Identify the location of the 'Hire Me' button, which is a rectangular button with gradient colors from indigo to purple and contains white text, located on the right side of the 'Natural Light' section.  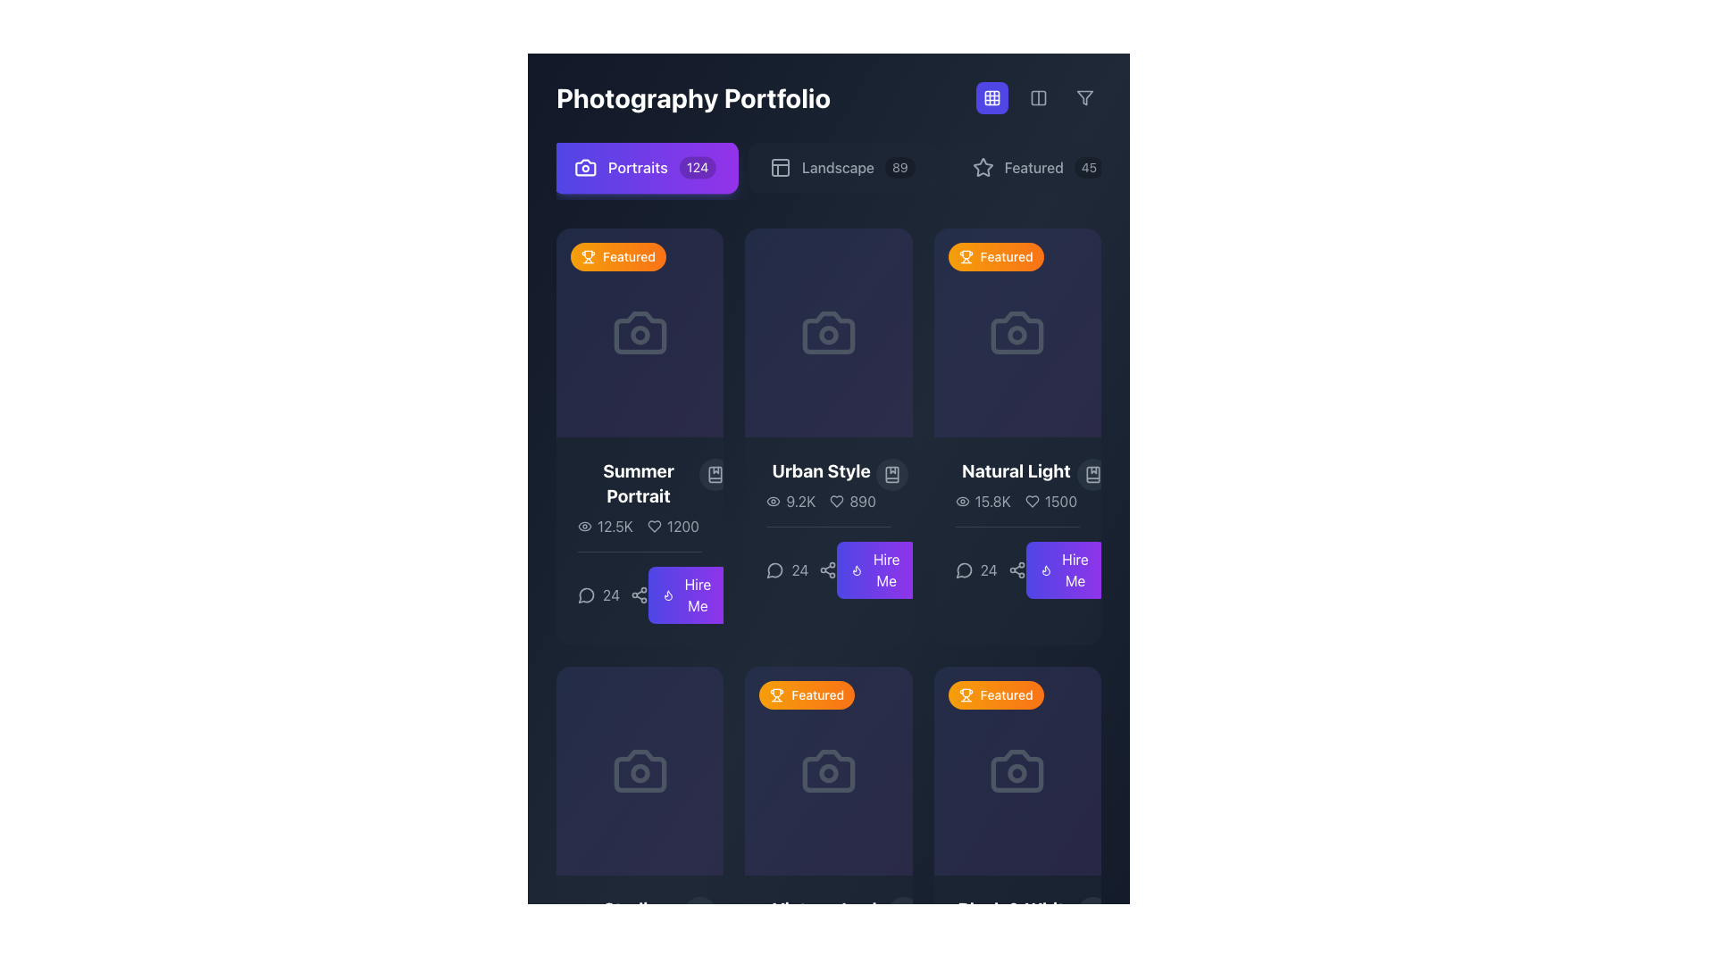
(1066, 570).